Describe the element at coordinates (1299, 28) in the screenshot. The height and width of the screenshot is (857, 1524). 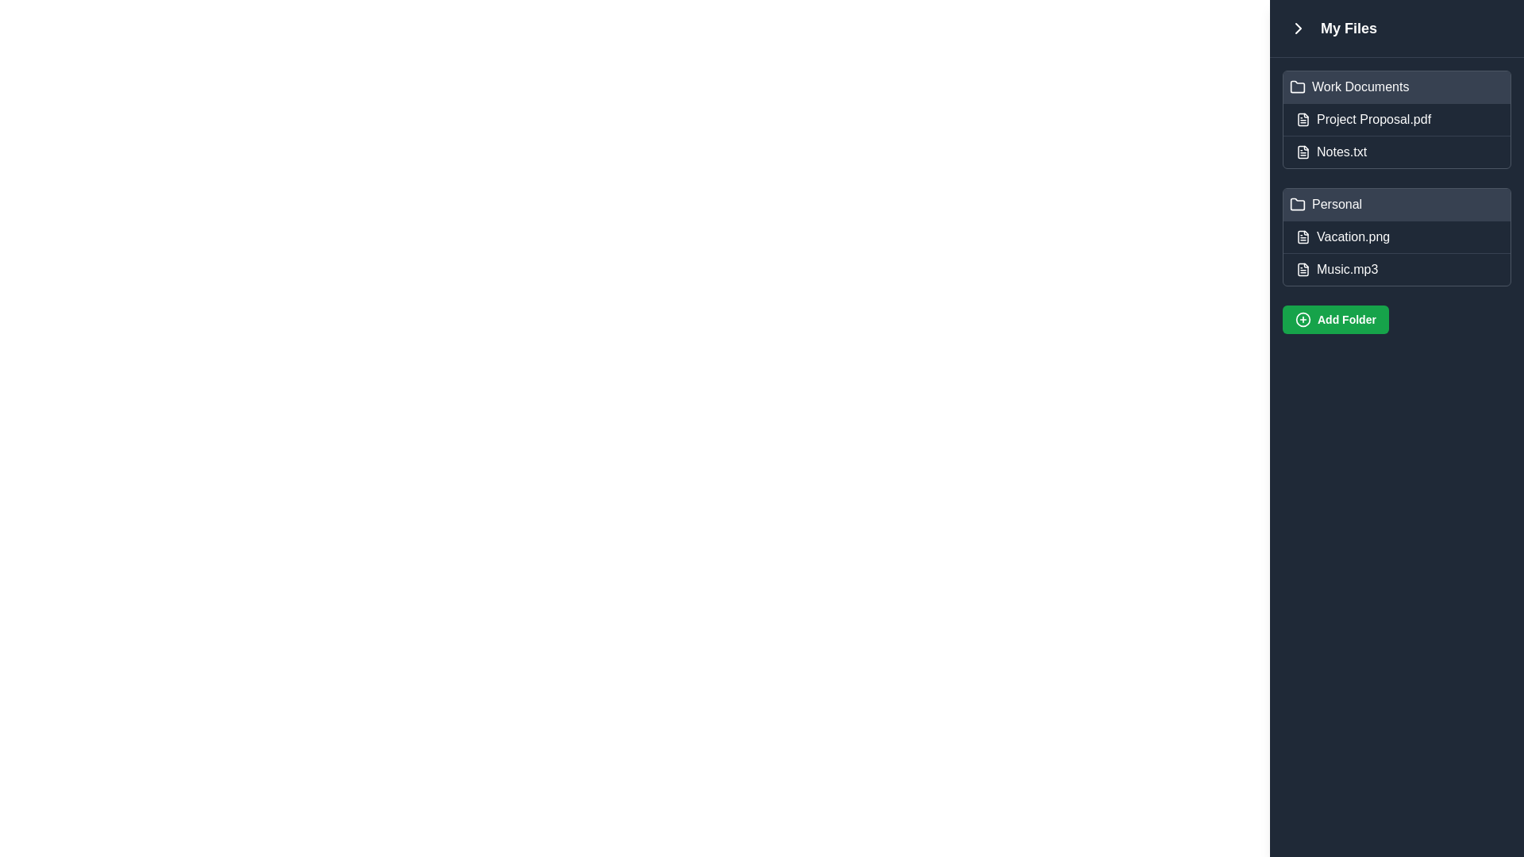
I see `the chevron-right icon in the 'My Files' sidebar` at that location.